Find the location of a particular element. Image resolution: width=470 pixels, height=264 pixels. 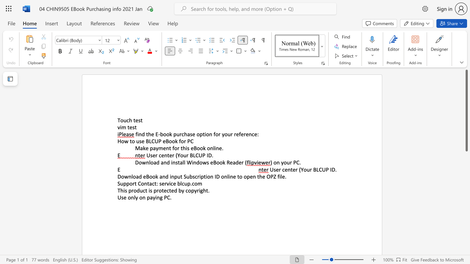

the 2th character "o" in the text is located at coordinates (225, 134).